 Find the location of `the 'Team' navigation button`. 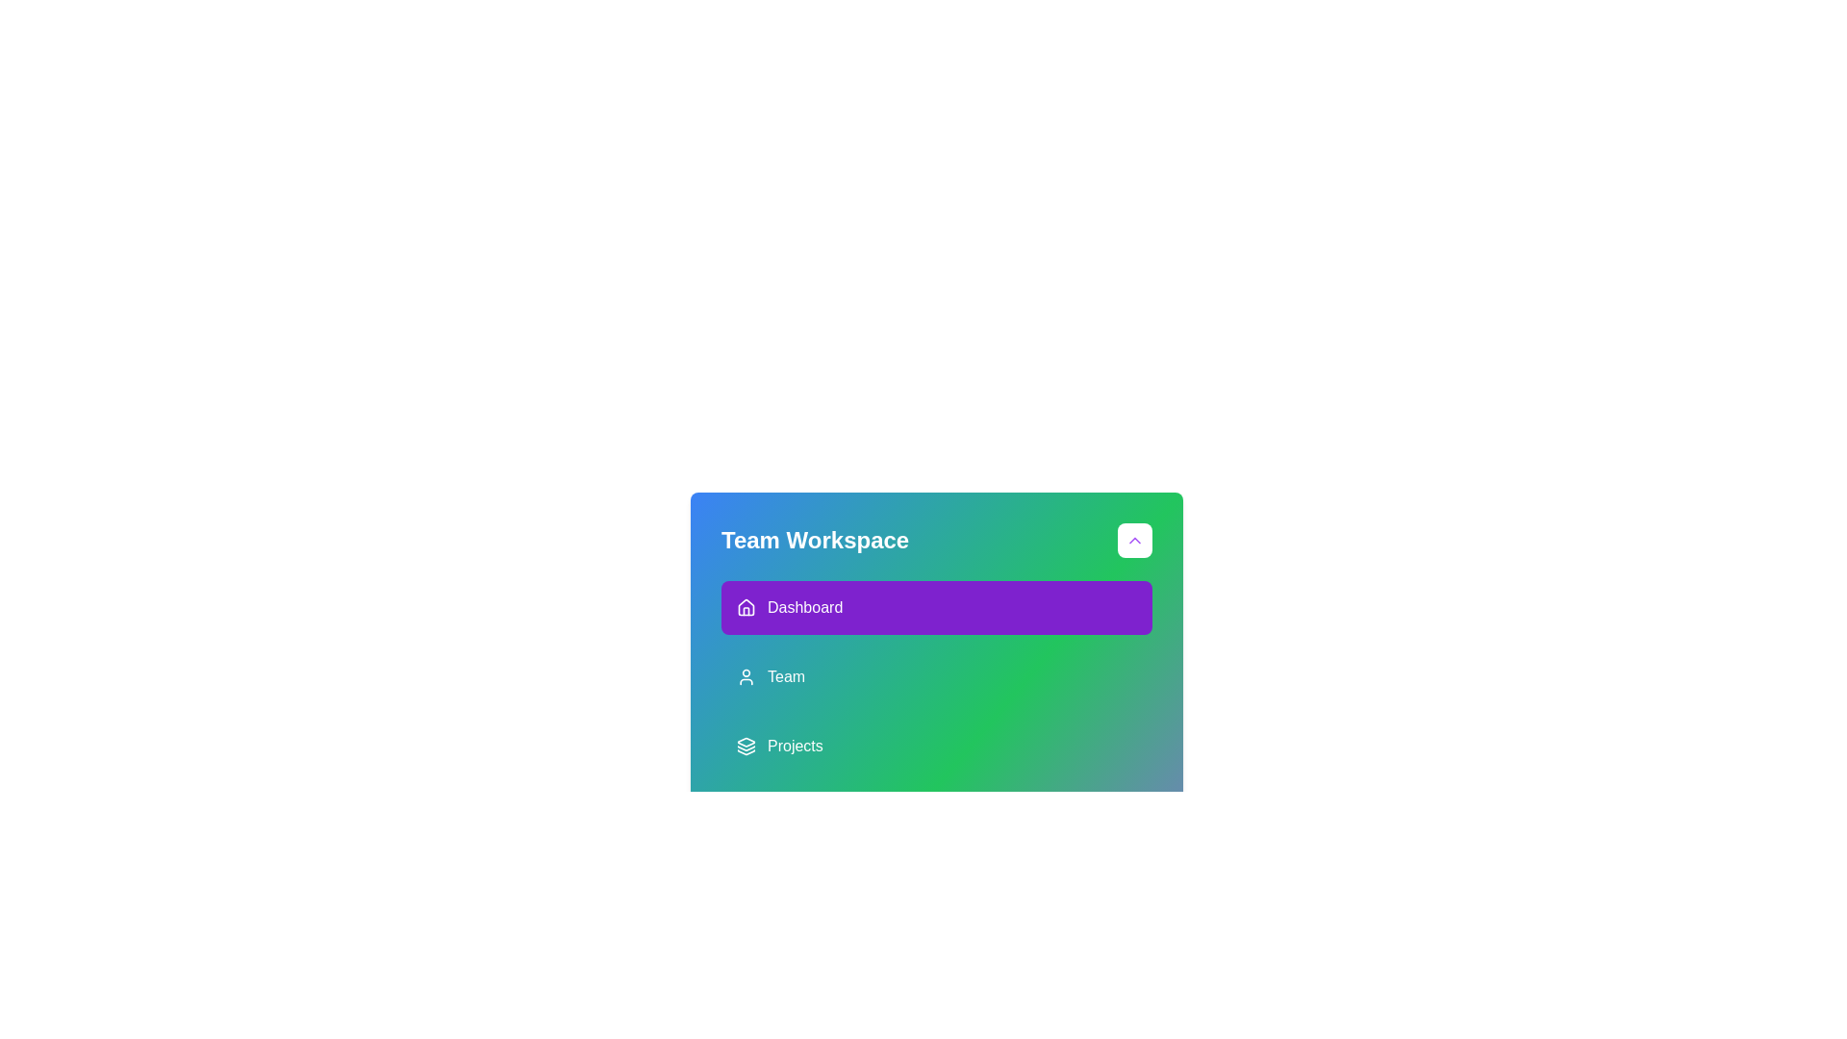

the 'Team' navigation button is located at coordinates (937, 676).